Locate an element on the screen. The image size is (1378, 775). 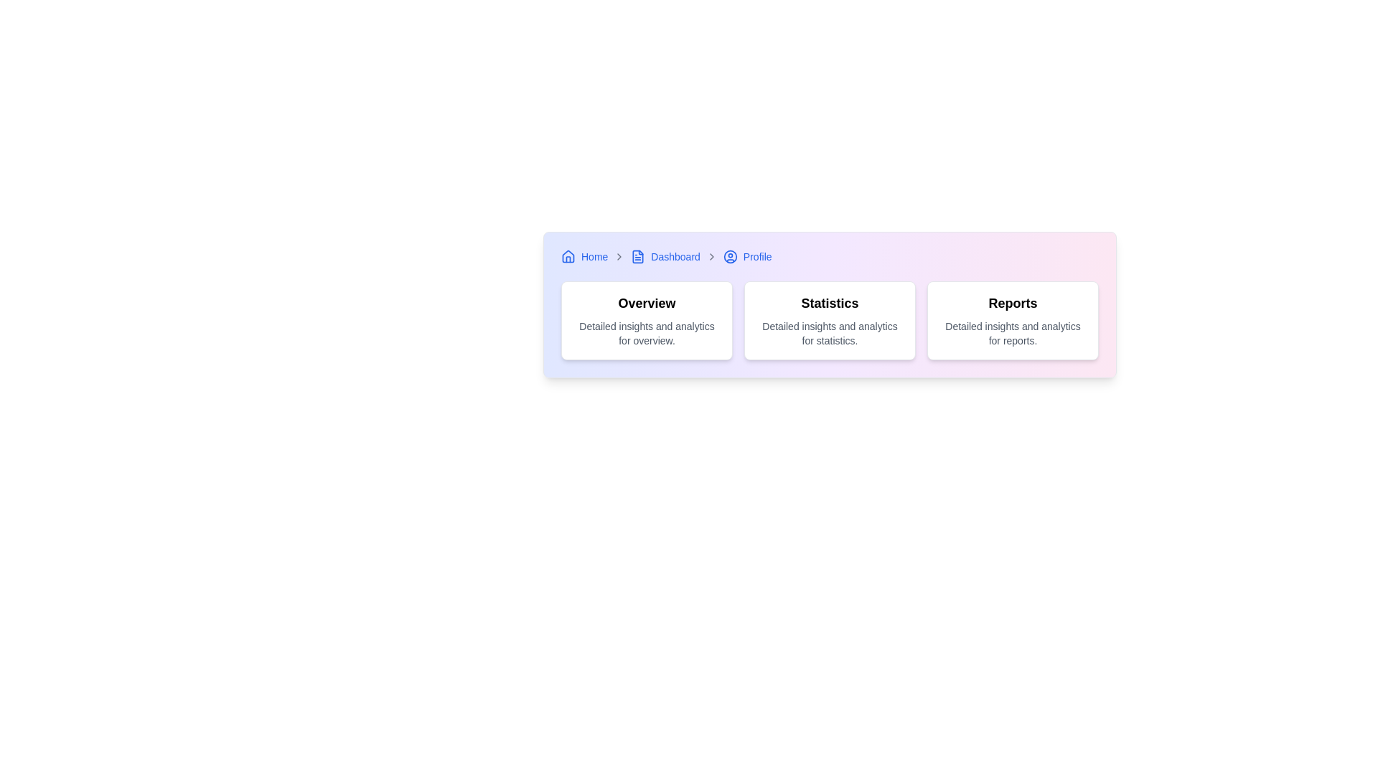
the text block that provides a description for the 'Reports' section, located below the title 'Reports' in the bottom half of the card is located at coordinates (1012, 334).